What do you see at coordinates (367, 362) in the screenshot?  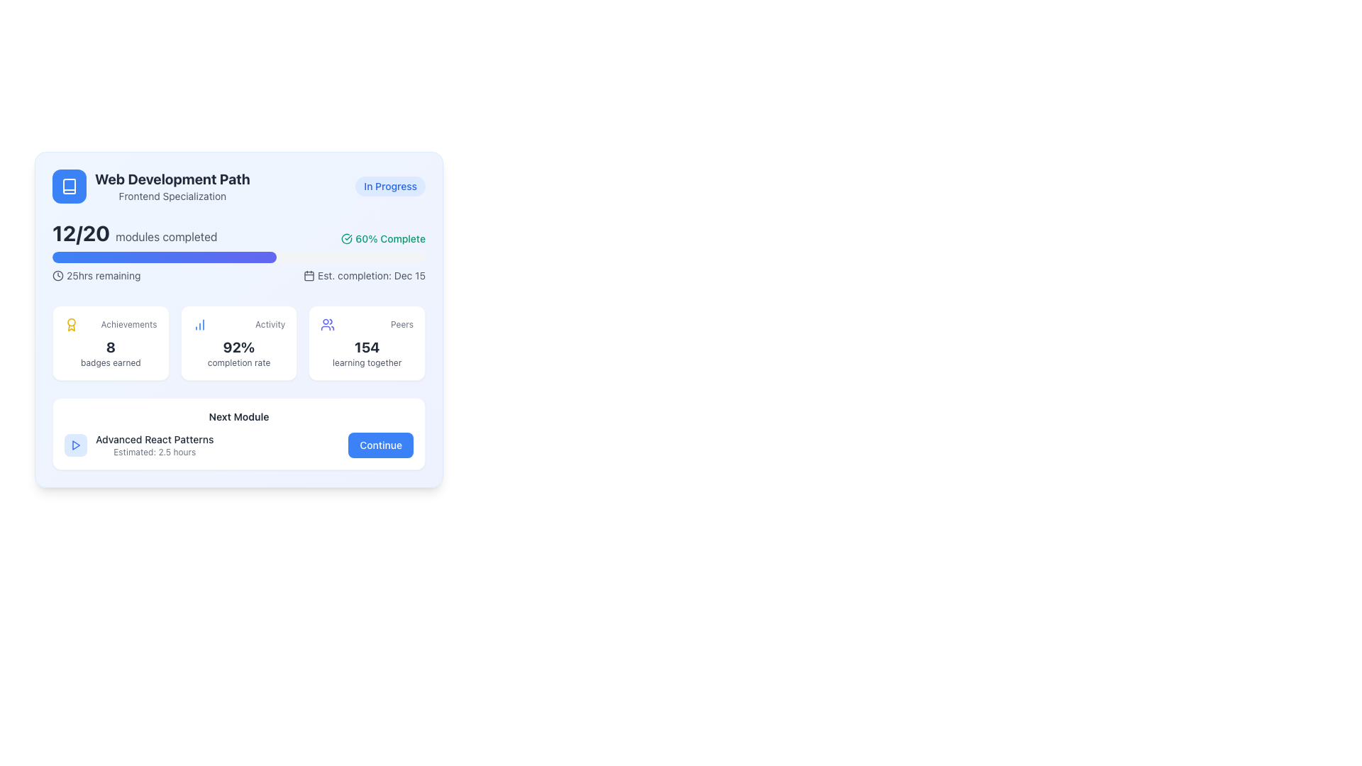 I see `descriptive text label located in the bottom section of the 'Peers' card, directly beneath the number '154' and to the right of the text 'Peers'` at bounding box center [367, 362].